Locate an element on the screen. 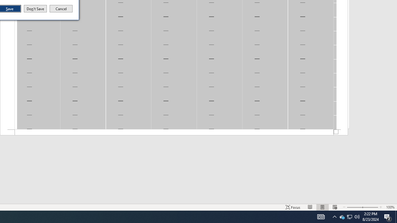 This screenshot has width=397, height=223. 'Notification Chevron' is located at coordinates (334, 216).